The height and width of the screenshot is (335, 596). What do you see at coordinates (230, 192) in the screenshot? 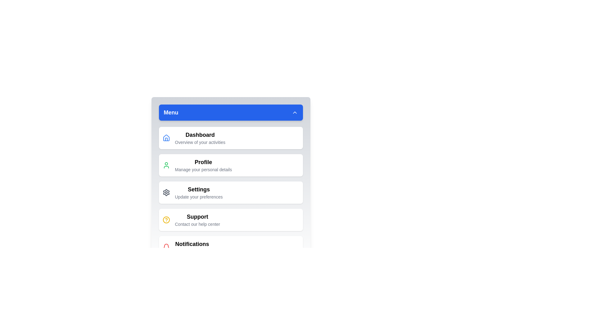
I see `'Settings' navigation item located under the 'Menu' heading by clicking on its icon or text` at bounding box center [230, 192].